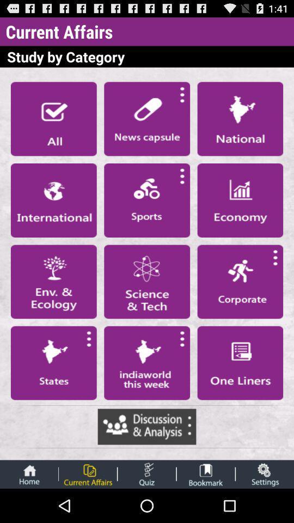 The height and width of the screenshot is (523, 294). Describe the element at coordinates (147, 363) in the screenshot. I see `open category` at that location.